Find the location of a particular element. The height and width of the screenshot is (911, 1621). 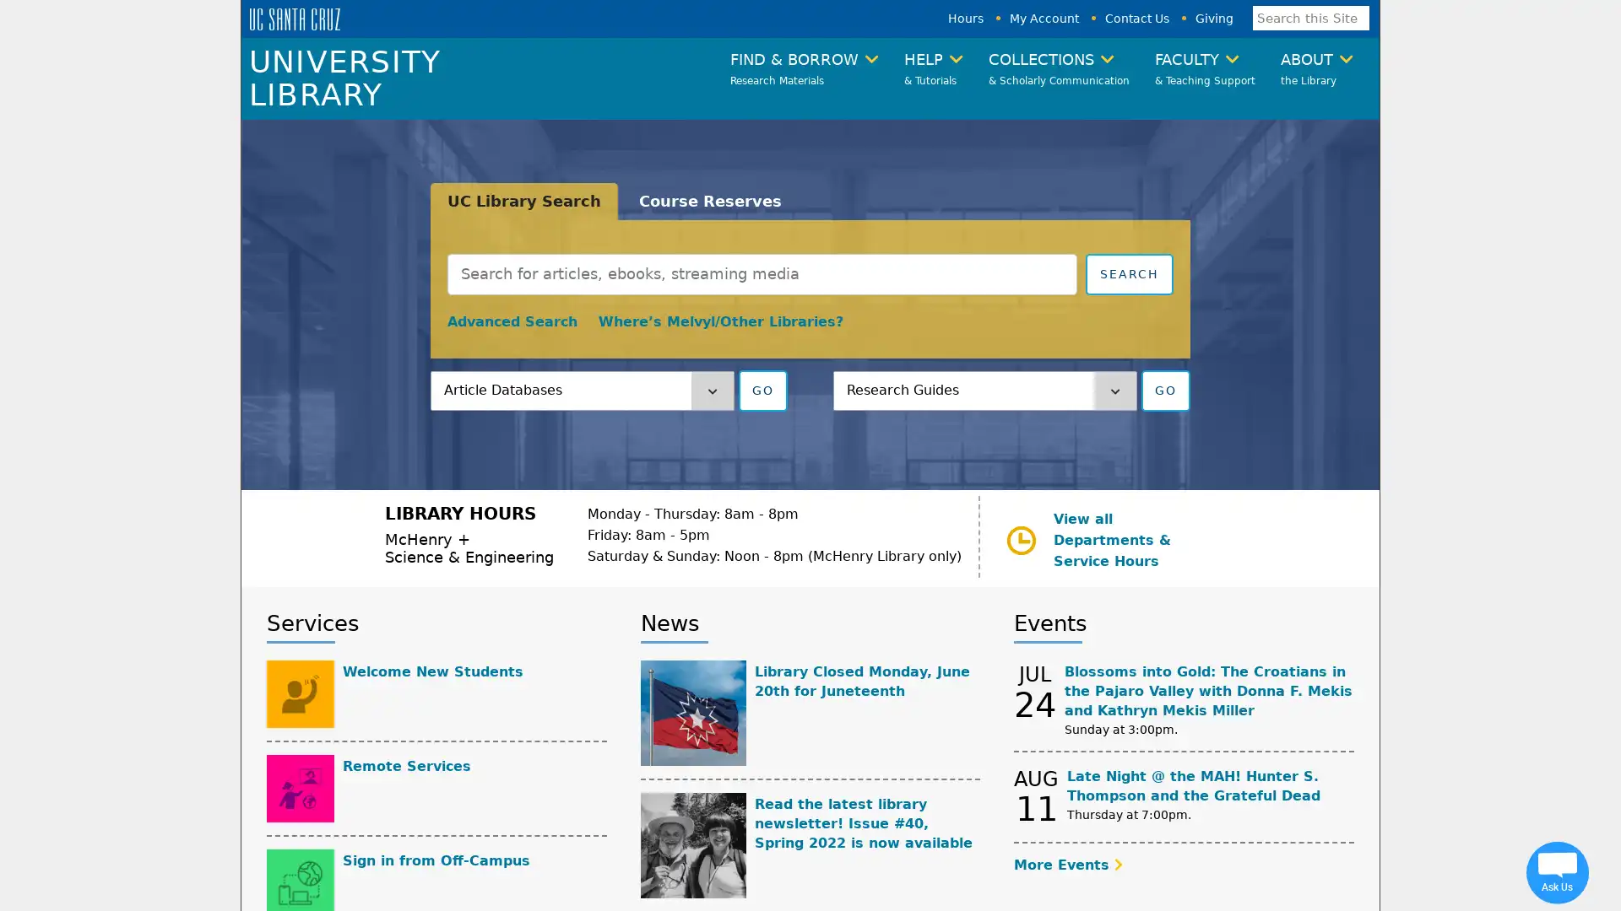

GO is located at coordinates (762, 390).